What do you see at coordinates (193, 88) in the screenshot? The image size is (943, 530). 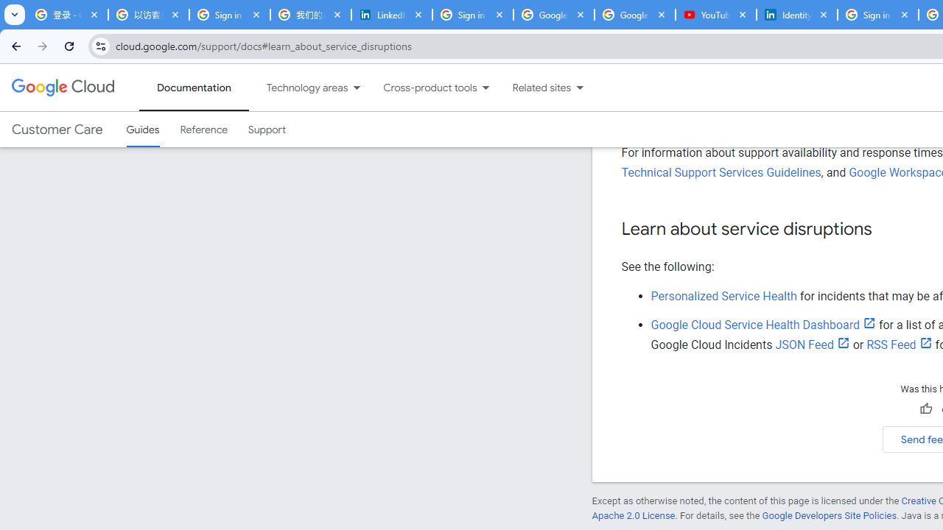 I see `'Documentation, selected'` at bounding box center [193, 88].